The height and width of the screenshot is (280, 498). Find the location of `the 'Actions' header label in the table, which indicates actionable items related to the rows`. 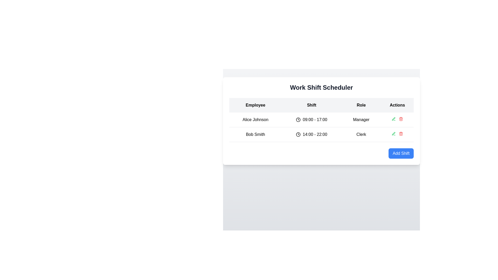

the 'Actions' header label in the table, which indicates actionable items related to the rows is located at coordinates (397, 105).